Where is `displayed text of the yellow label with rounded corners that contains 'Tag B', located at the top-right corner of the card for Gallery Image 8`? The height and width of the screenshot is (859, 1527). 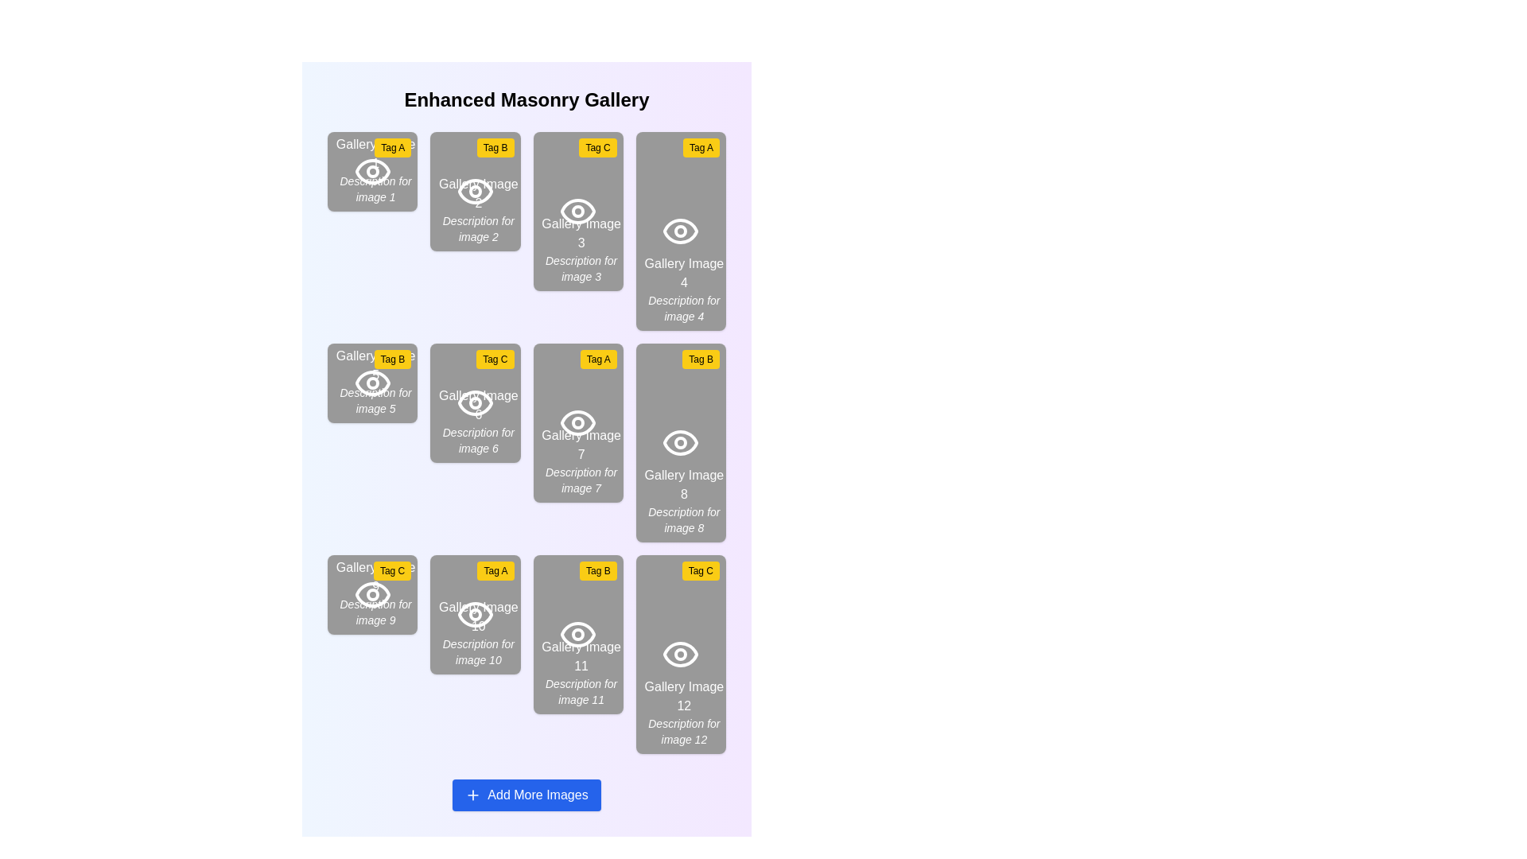
displayed text of the yellow label with rounded corners that contains 'Tag B', located at the top-right corner of the card for Gallery Image 8 is located at coordinates (700, 359).